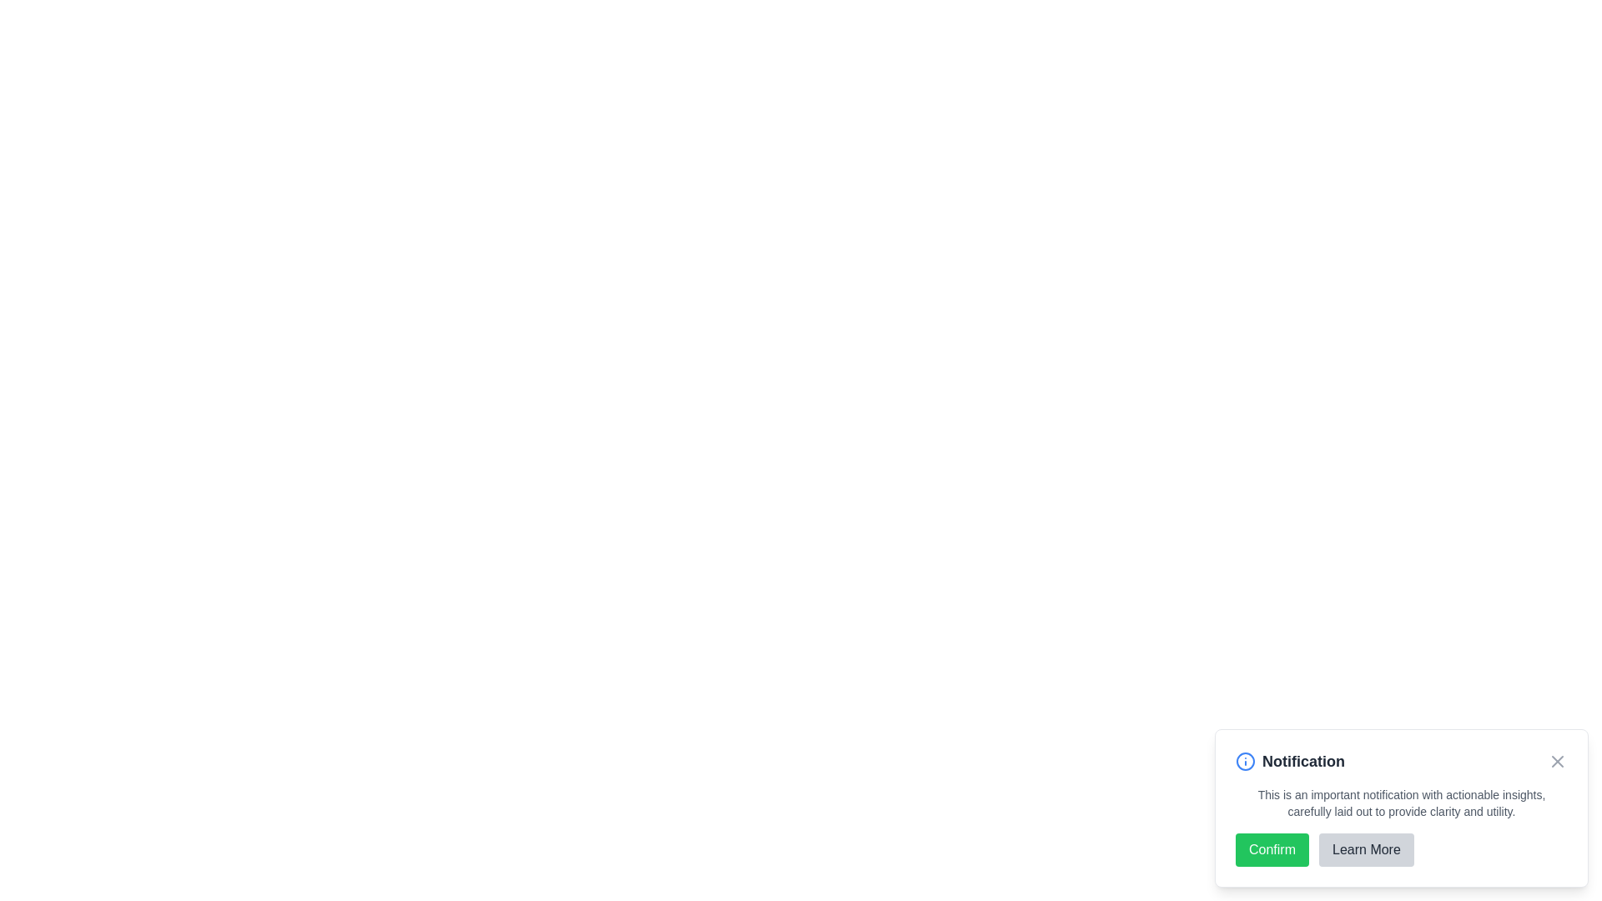 This screenshot has width=1602, height=901. What do you see at coordinates (1366, 849) in the screenshot?
I see `the button located at the bottom right corner of the notification modal` at bounding box center [1366, 849].